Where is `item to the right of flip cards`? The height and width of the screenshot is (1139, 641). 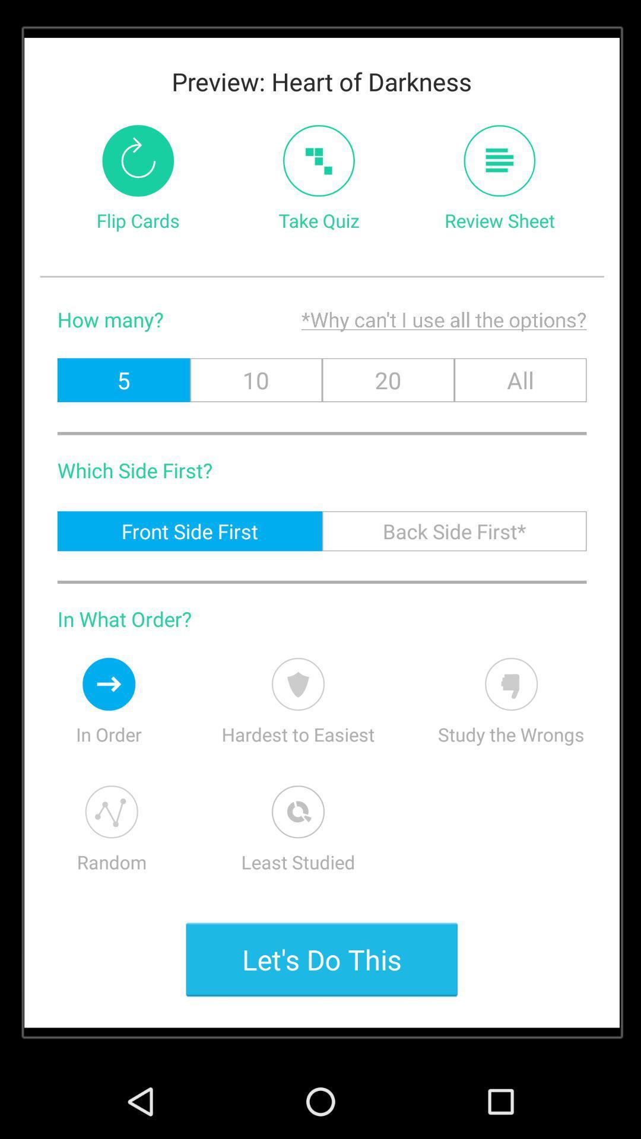
item to the right of flip cards is located at coordinates (318, 160).